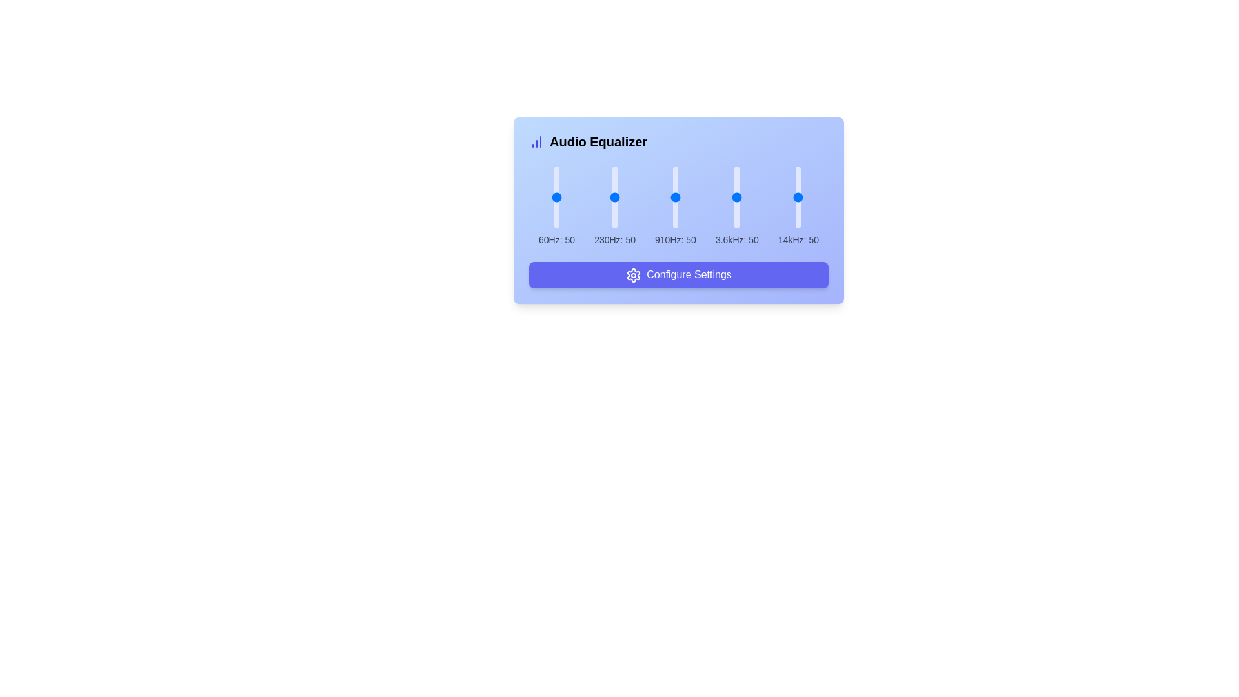 The width and height of the screenshot is (1239, 697). Describe the element at coordinates (737, 239) in the screenshot. I see `information displayed in the text label that shows '3.6kHz: 50', positioned below the vertical slider in the audio equalizer interface` at that location.